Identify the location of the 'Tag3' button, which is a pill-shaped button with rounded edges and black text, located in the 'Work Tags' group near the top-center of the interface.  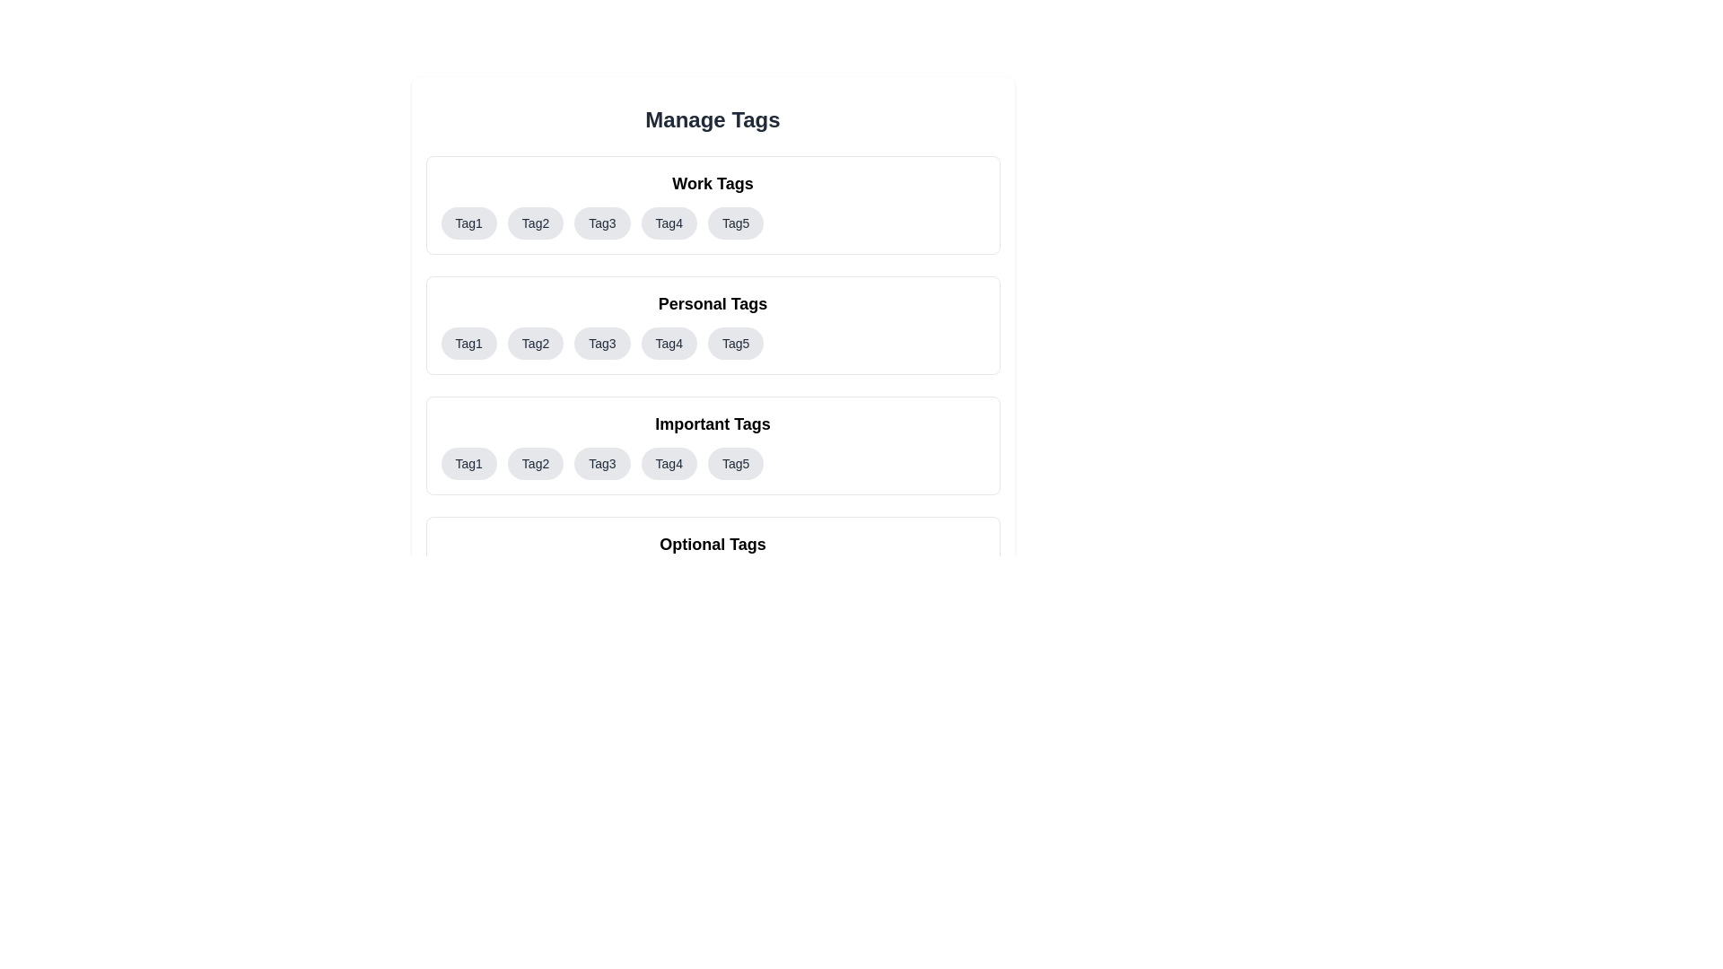
(602, 223).